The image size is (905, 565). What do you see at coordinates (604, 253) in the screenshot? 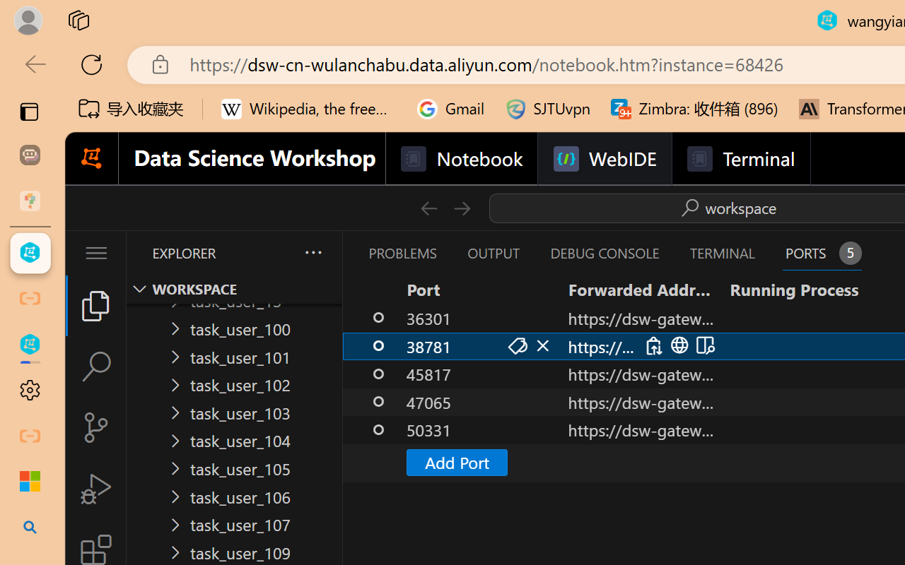
I see `'Debug Console (Ctrl+Shift+Y)'` at bounding box center [604, 253].